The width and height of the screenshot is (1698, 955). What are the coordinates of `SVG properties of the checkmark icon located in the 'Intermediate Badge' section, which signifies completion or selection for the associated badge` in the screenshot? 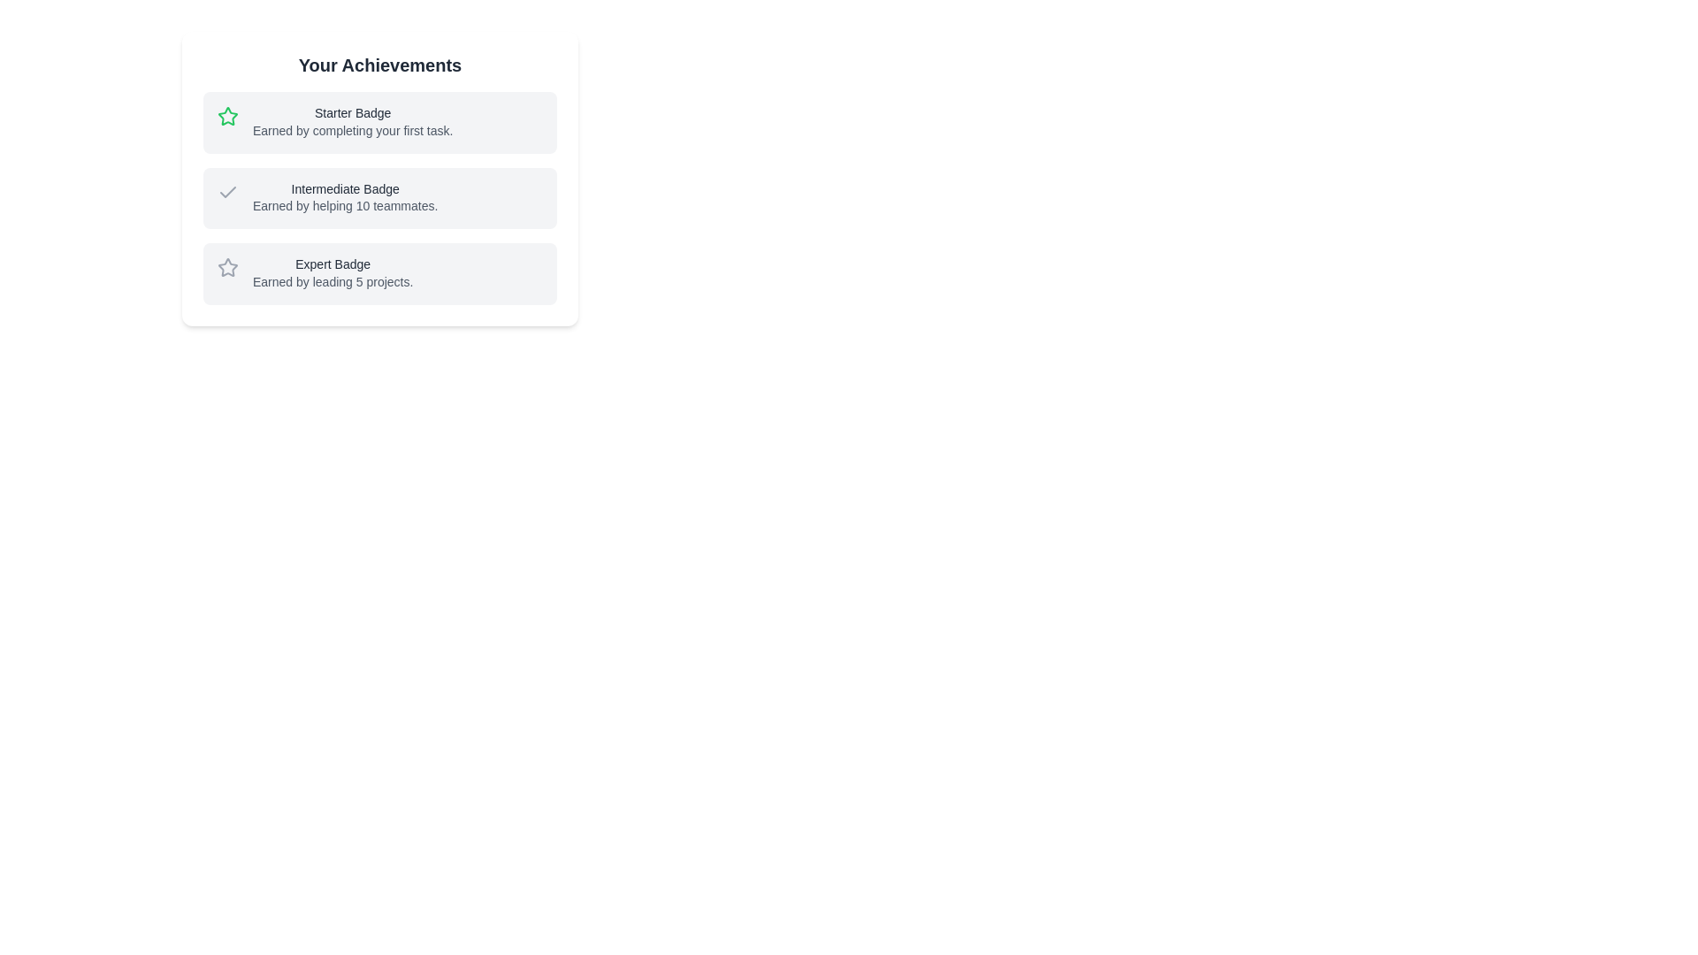 It's located at (227, 191).